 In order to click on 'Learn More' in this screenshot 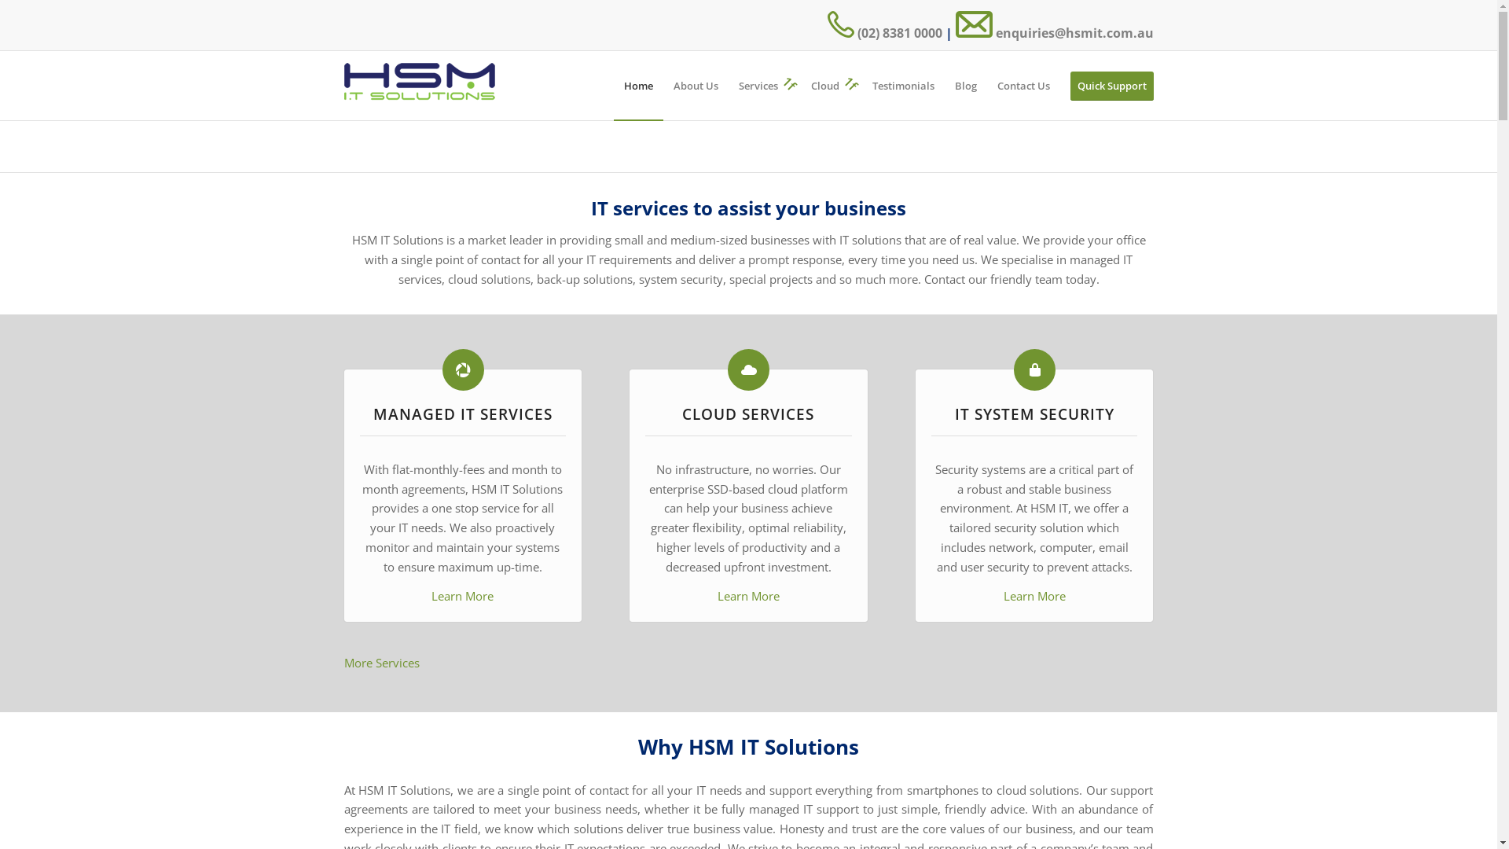, I will do `click(716, 596)`.